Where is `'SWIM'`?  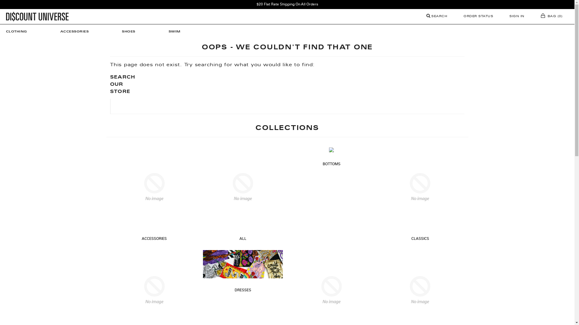
'SWIM' is located at coordinates (174, 32).